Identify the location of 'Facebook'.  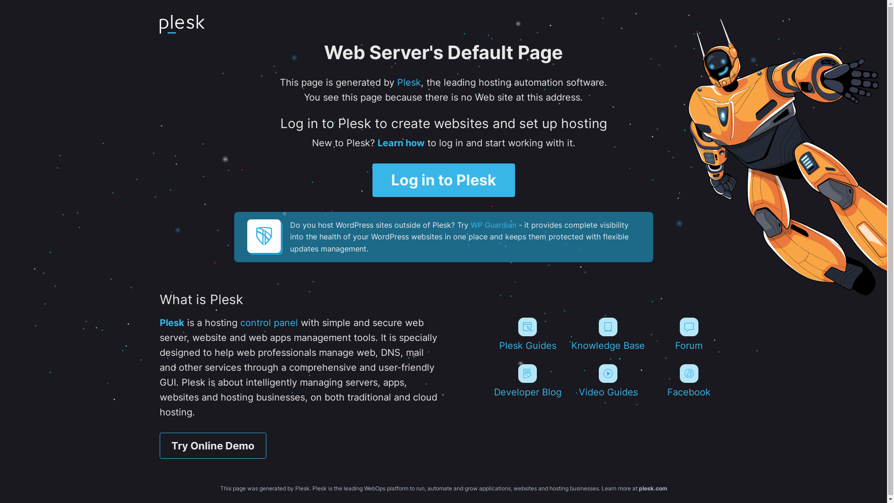
(689, 381).